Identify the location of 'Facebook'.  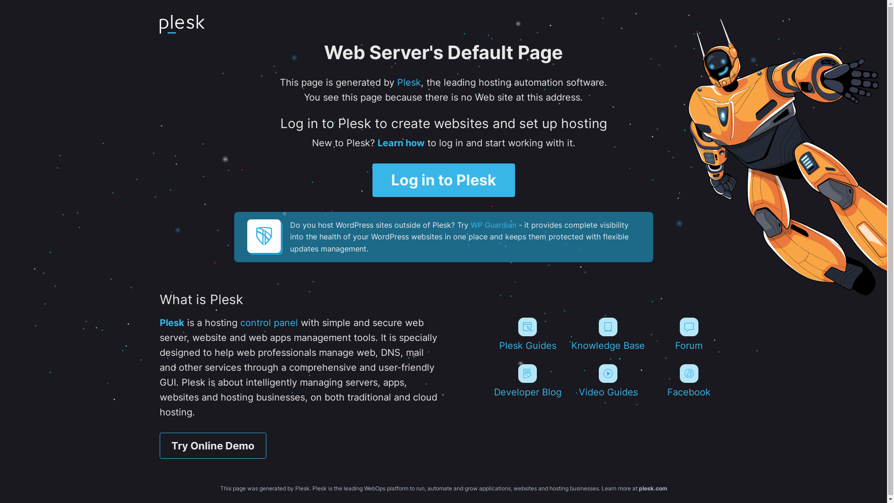
(689, 381).